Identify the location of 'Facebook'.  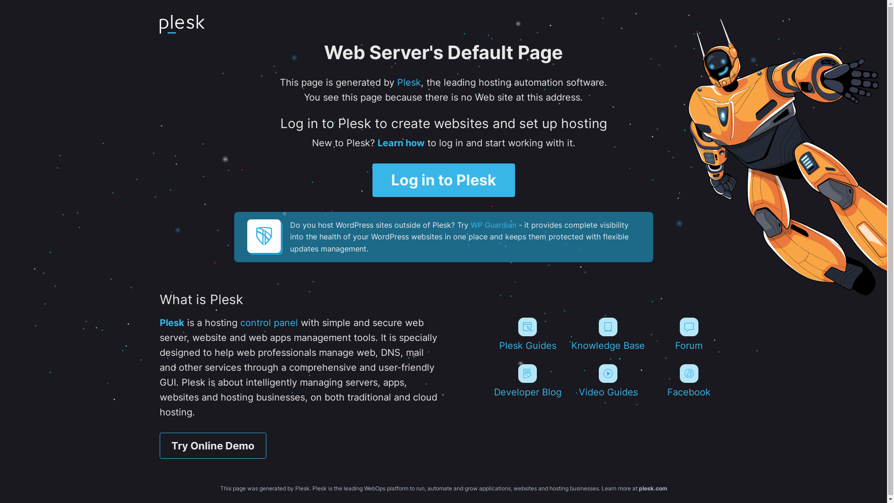
(689, 381).